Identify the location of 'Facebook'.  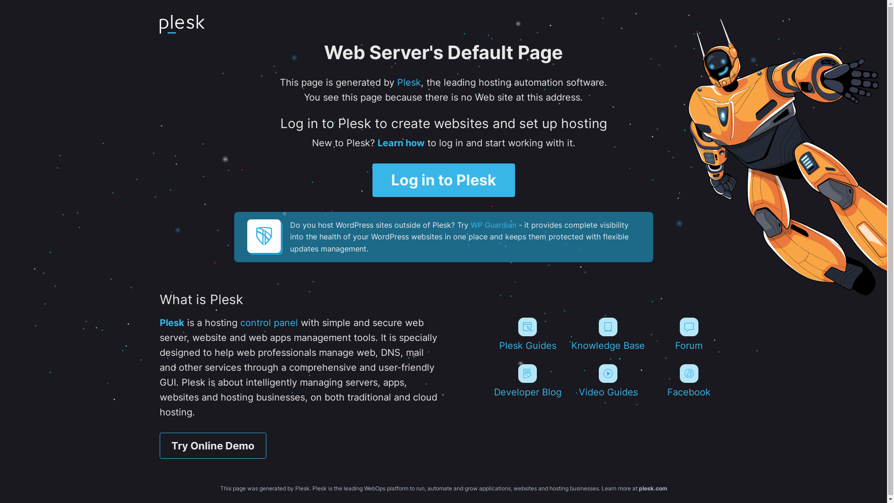
(689, 381).